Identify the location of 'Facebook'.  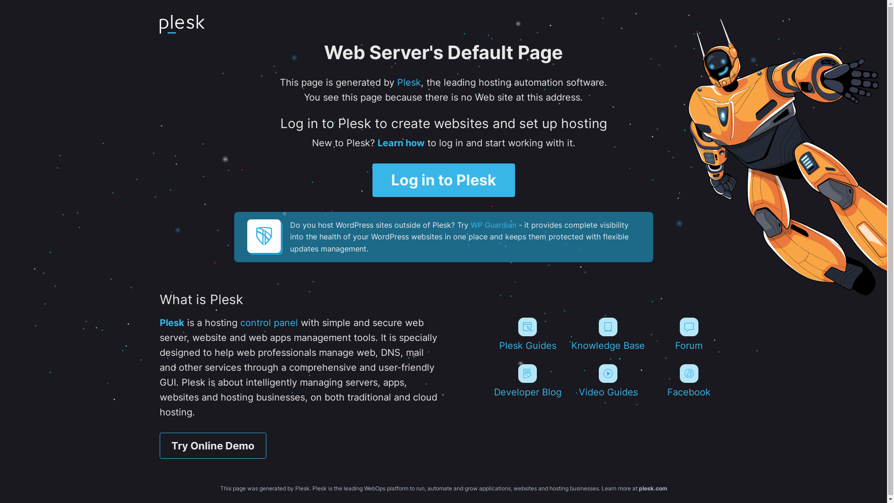
(689, 381).